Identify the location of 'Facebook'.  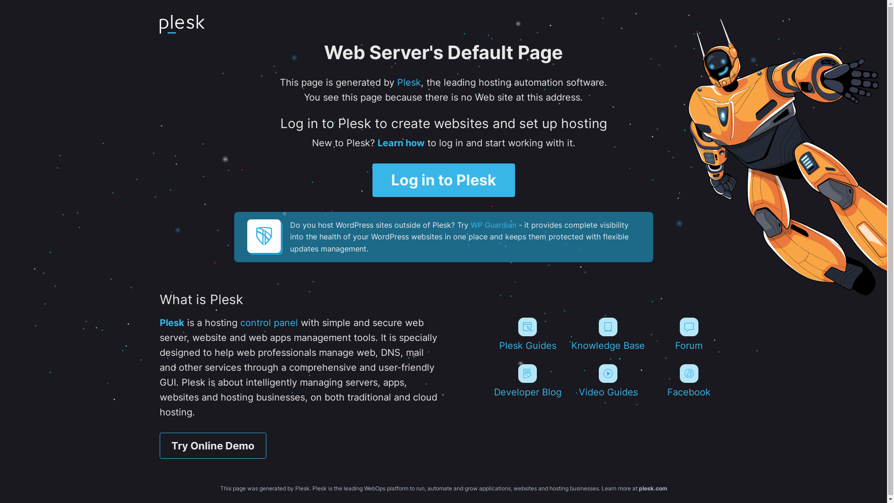
(689, 381).